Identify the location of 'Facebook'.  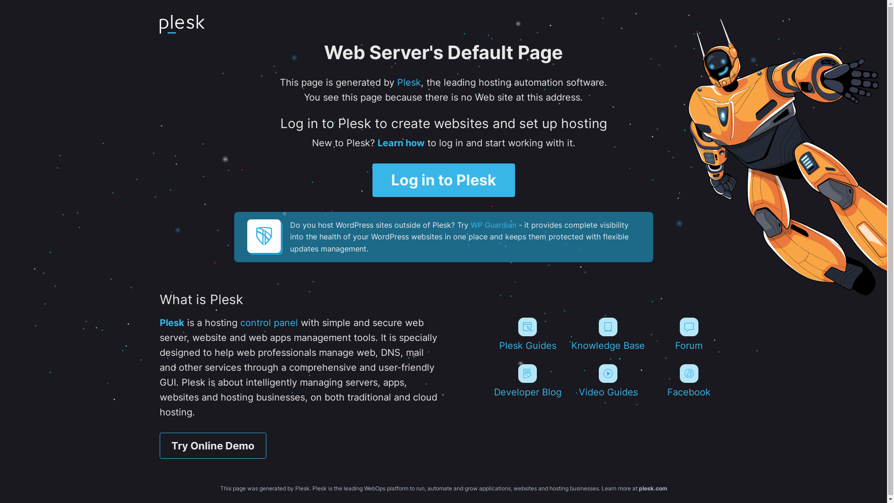
(689, 381).